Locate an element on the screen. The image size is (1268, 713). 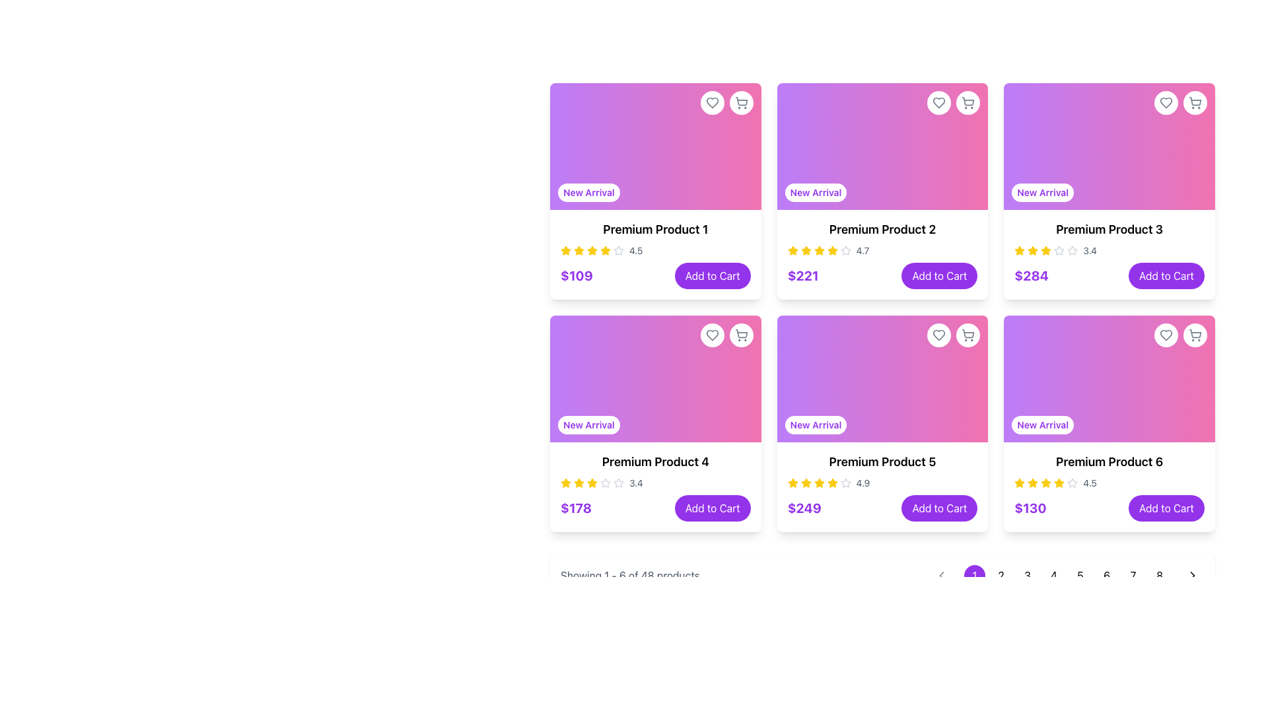
the interactive icon pair consisting of a heart icon and a shopping cart icon located at the top right corner of the product card for 'Premium Product 1' is located at coordinates (726, 102).